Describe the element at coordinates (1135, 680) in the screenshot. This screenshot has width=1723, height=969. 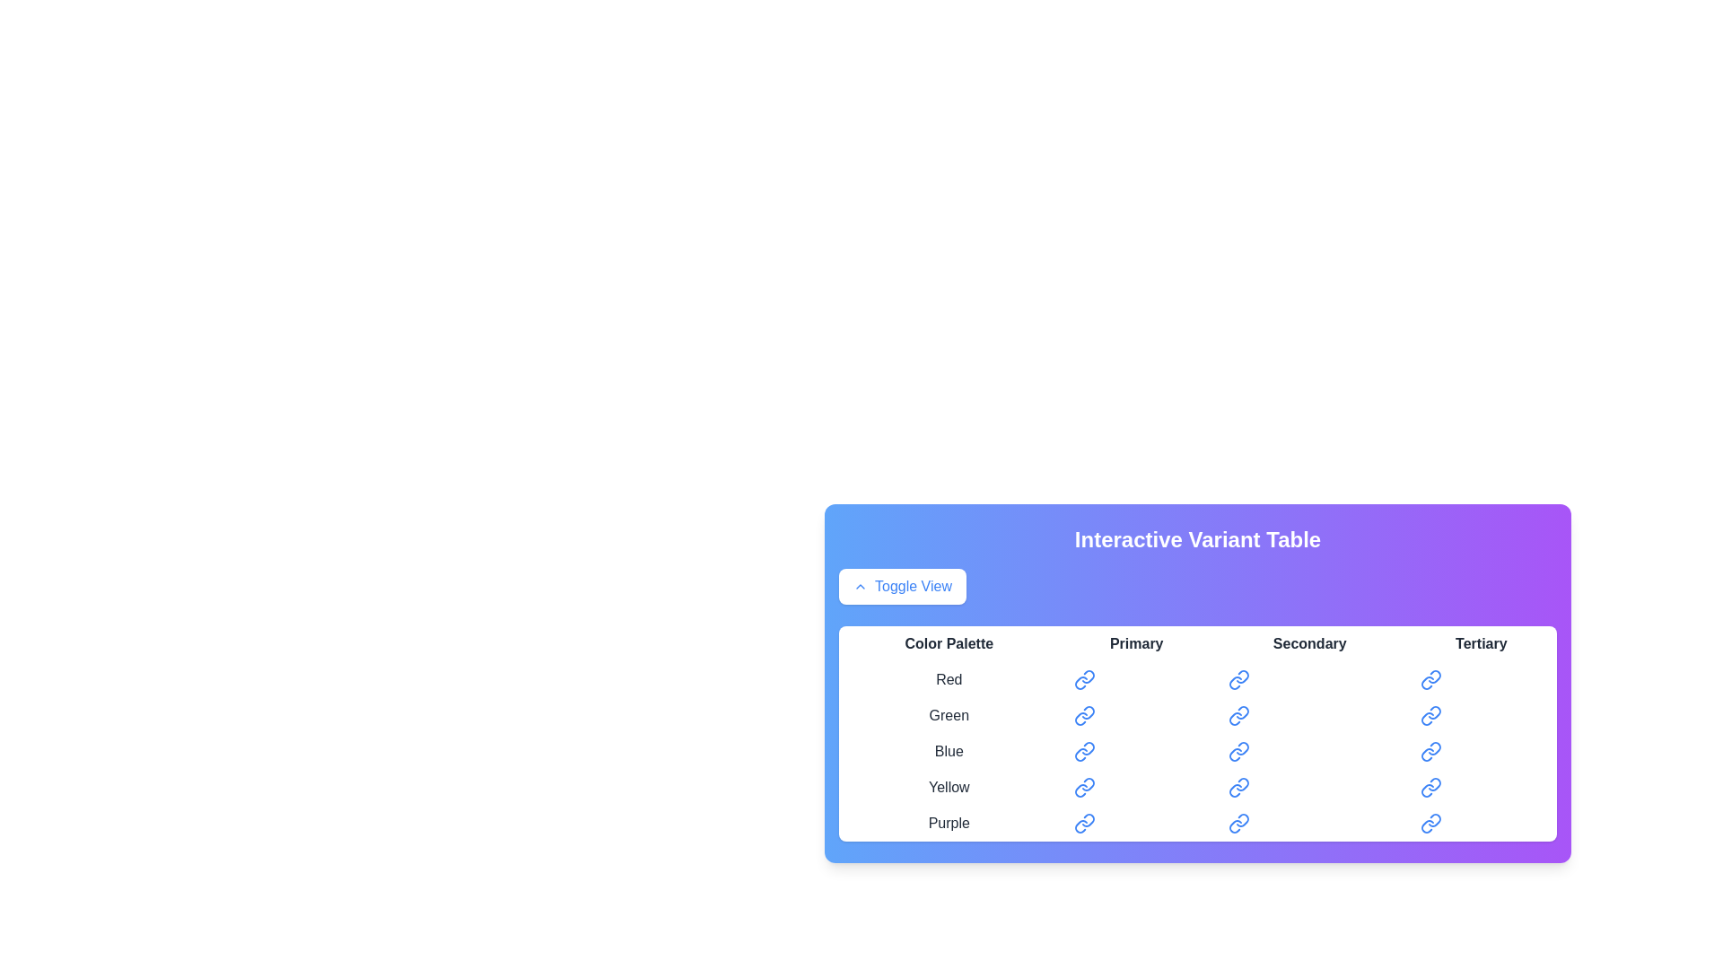
I see `the Label with an icon that identifies the 'Primary - Red' category, located in the row labeled 'Red' in a table under the 'Primary' column, to the right of the 'Color Palette' column` at that location.